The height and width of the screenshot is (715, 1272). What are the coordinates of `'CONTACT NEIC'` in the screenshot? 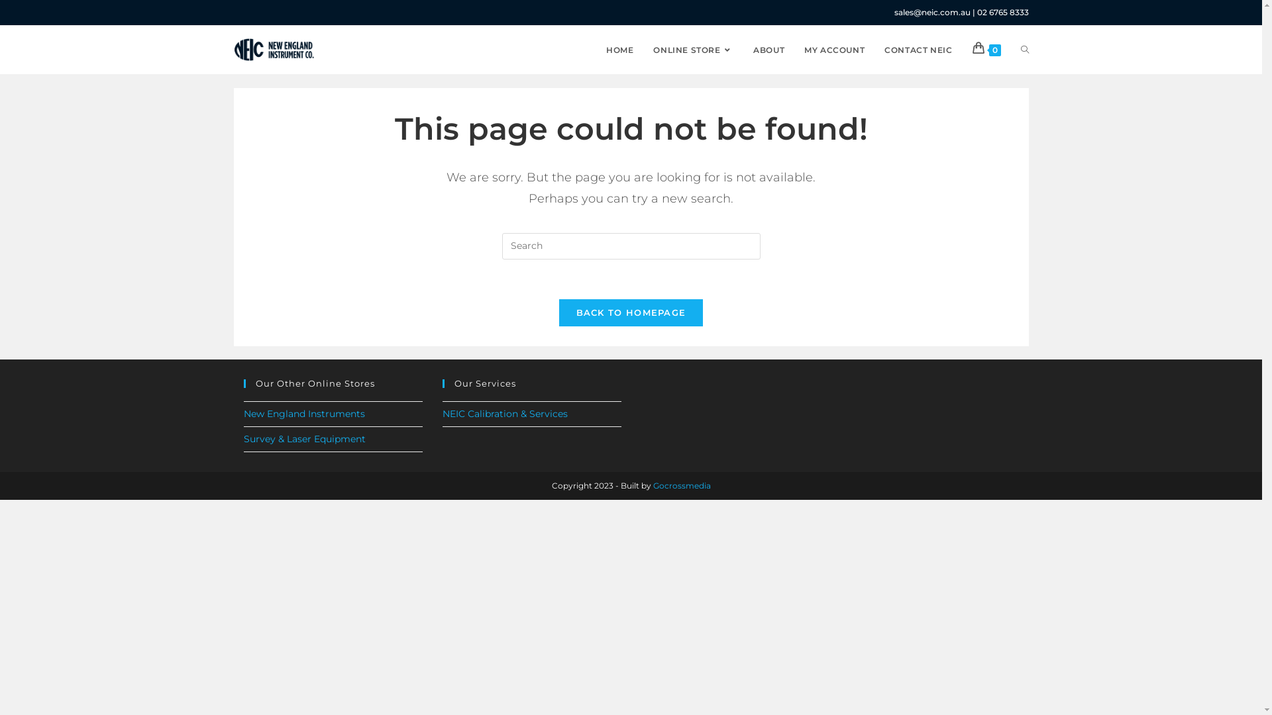 It's located at (874, 49).